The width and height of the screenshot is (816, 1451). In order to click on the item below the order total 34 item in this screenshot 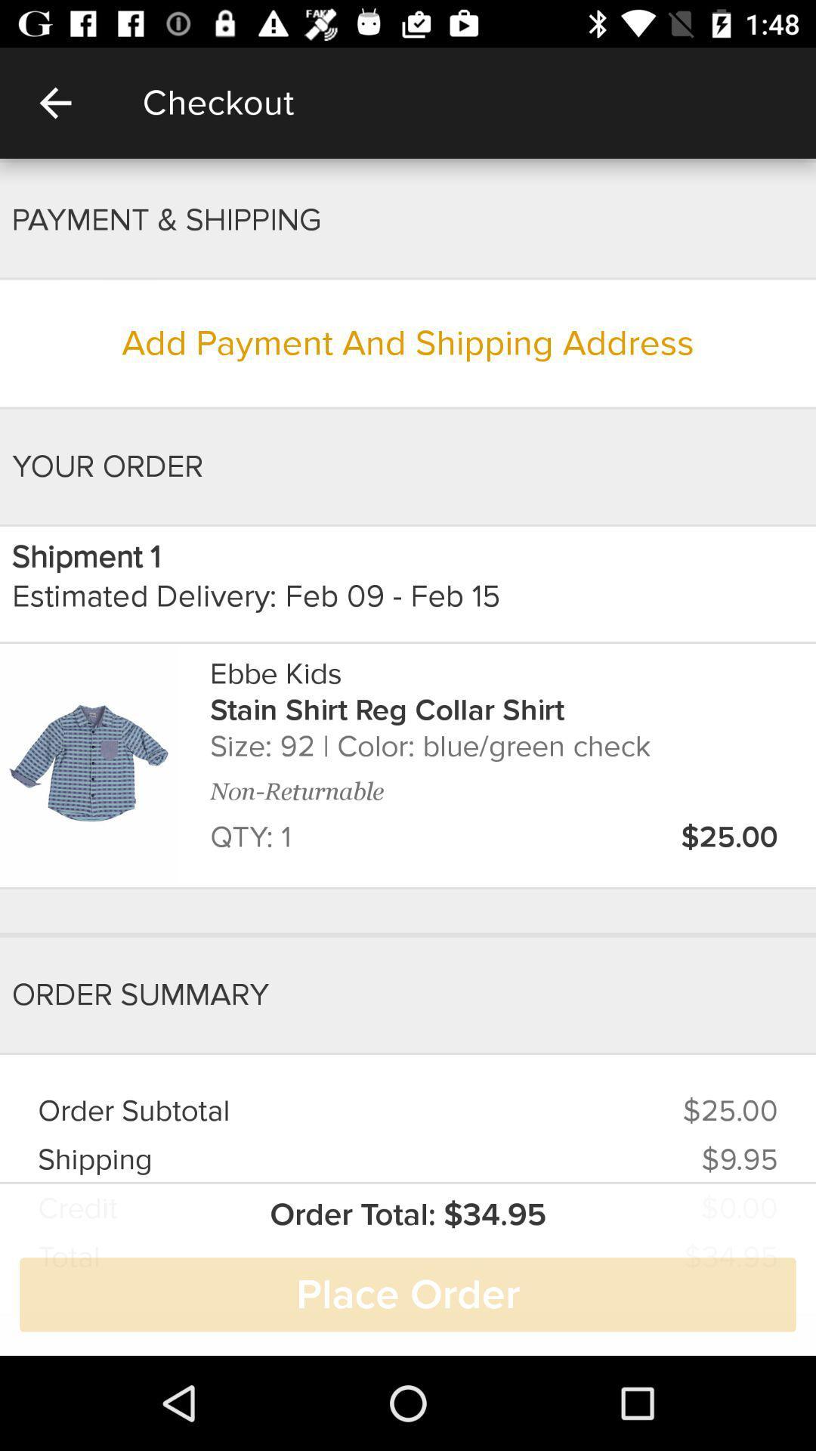, I will do `click(408, 1294)`.